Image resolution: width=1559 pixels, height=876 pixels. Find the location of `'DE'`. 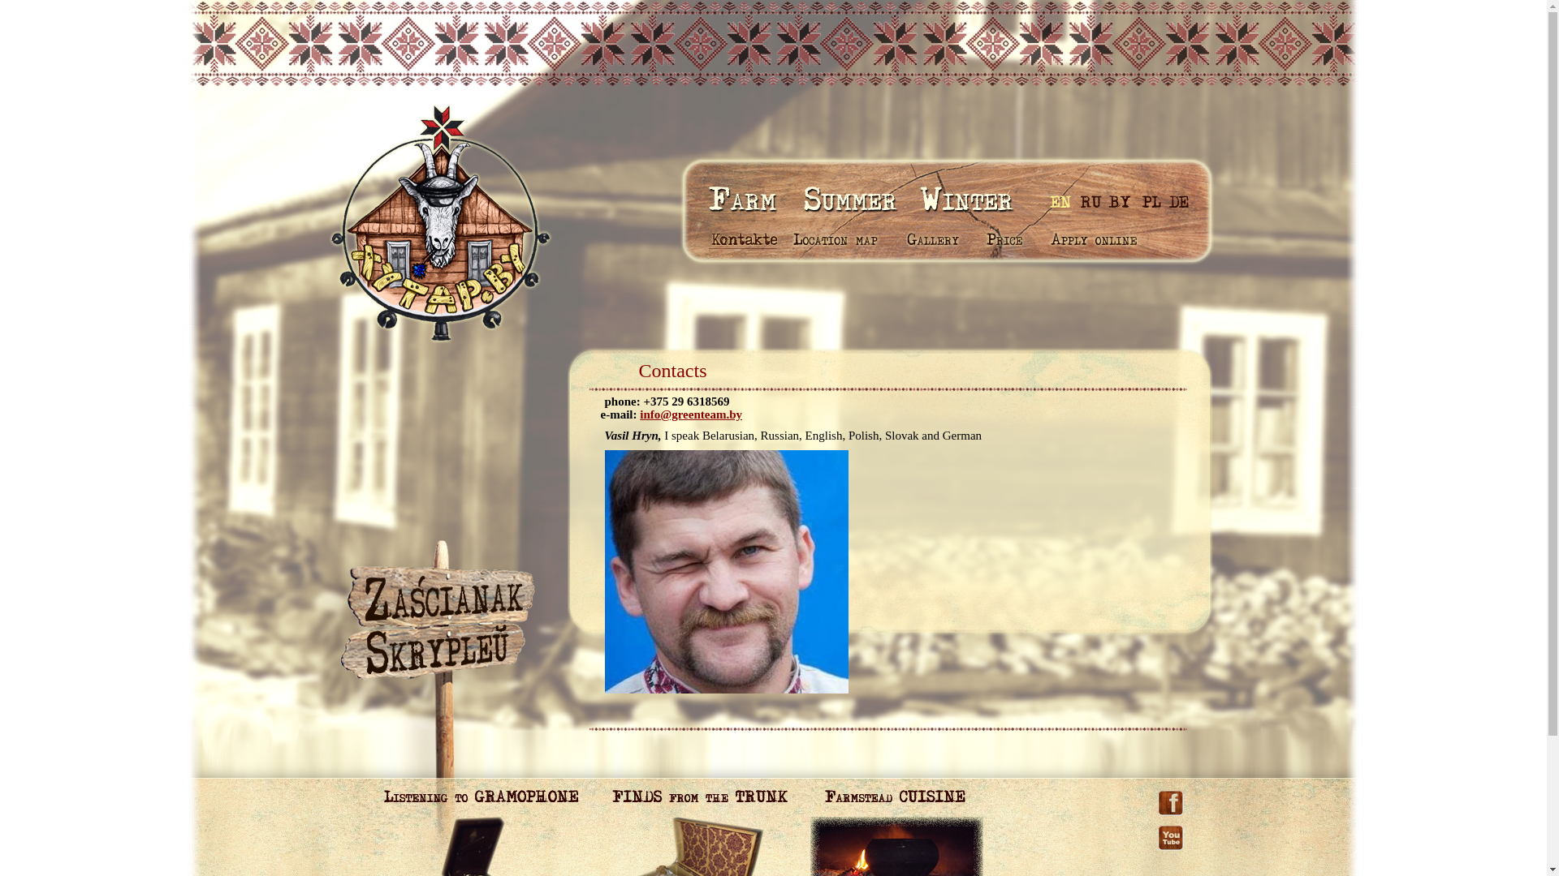

'DE' is located at coordinates (1167, 200).